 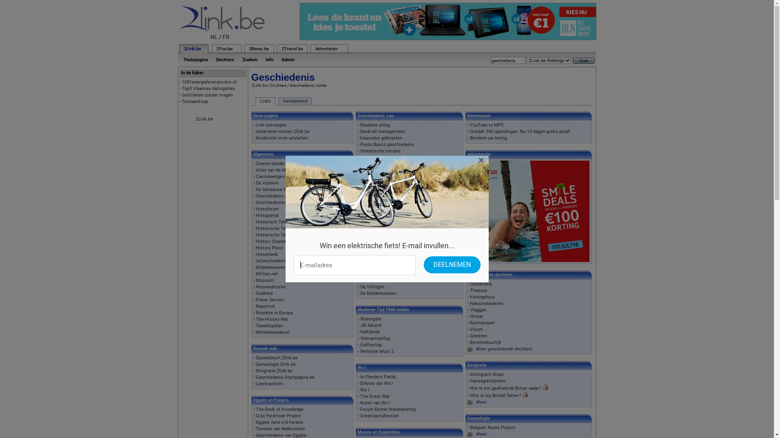 I want to click on 'Info', so click(x=269, y=59).